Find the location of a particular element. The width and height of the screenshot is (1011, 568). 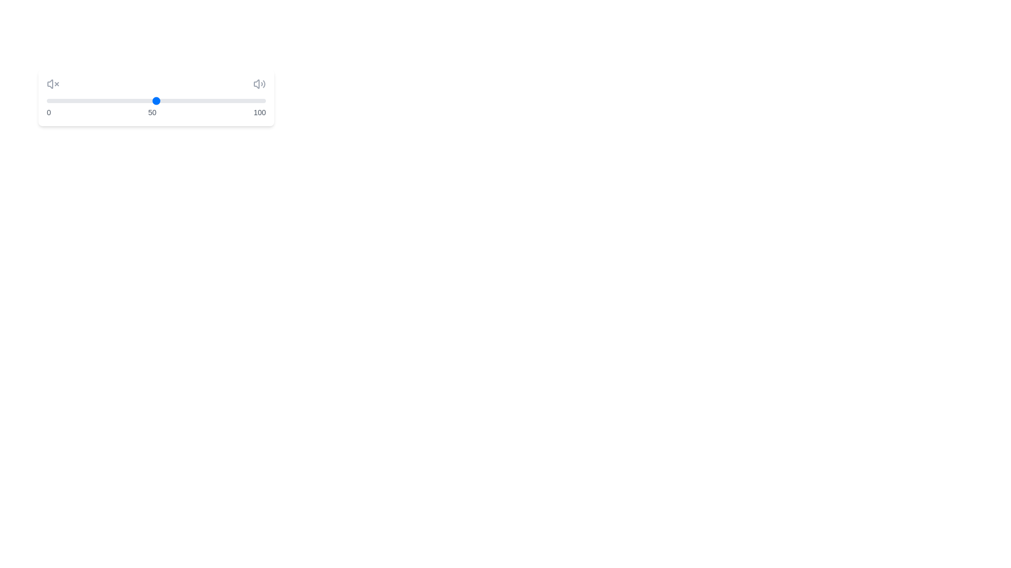

the slider to set the volume to 29% is located at coordinates (110, 101).